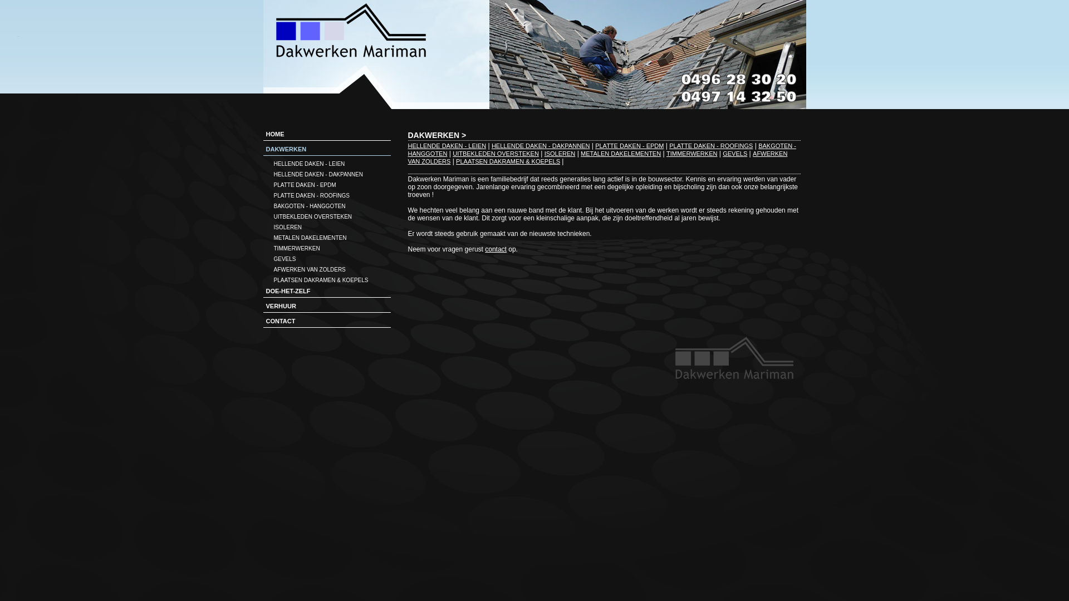  I want to click on 'VERHUUR', so click(333, 307).